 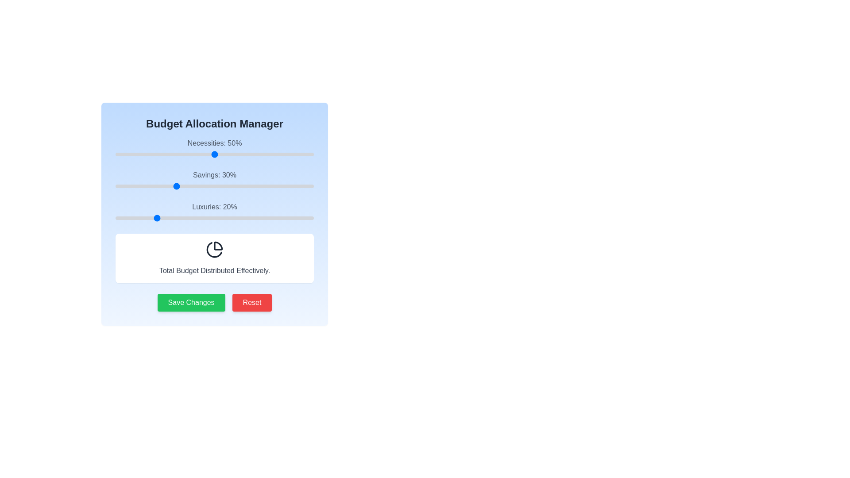 I want to click on luxuries percentage, so click(x=240, y=218).